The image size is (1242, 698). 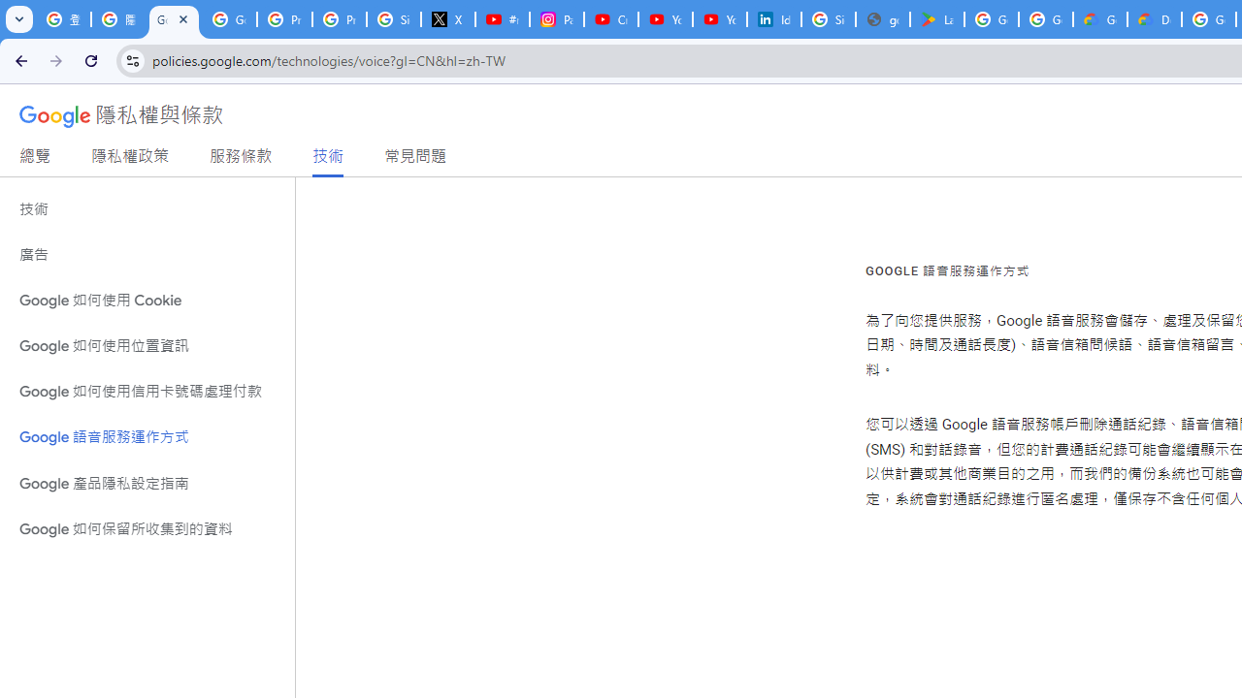 I want to click on 'Privacy Help Center - Policies Help', so click(x=340, y=19).